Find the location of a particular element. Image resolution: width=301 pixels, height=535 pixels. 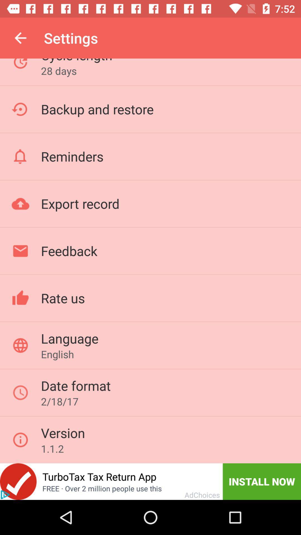

28 days is located at coordinates (59, 70).